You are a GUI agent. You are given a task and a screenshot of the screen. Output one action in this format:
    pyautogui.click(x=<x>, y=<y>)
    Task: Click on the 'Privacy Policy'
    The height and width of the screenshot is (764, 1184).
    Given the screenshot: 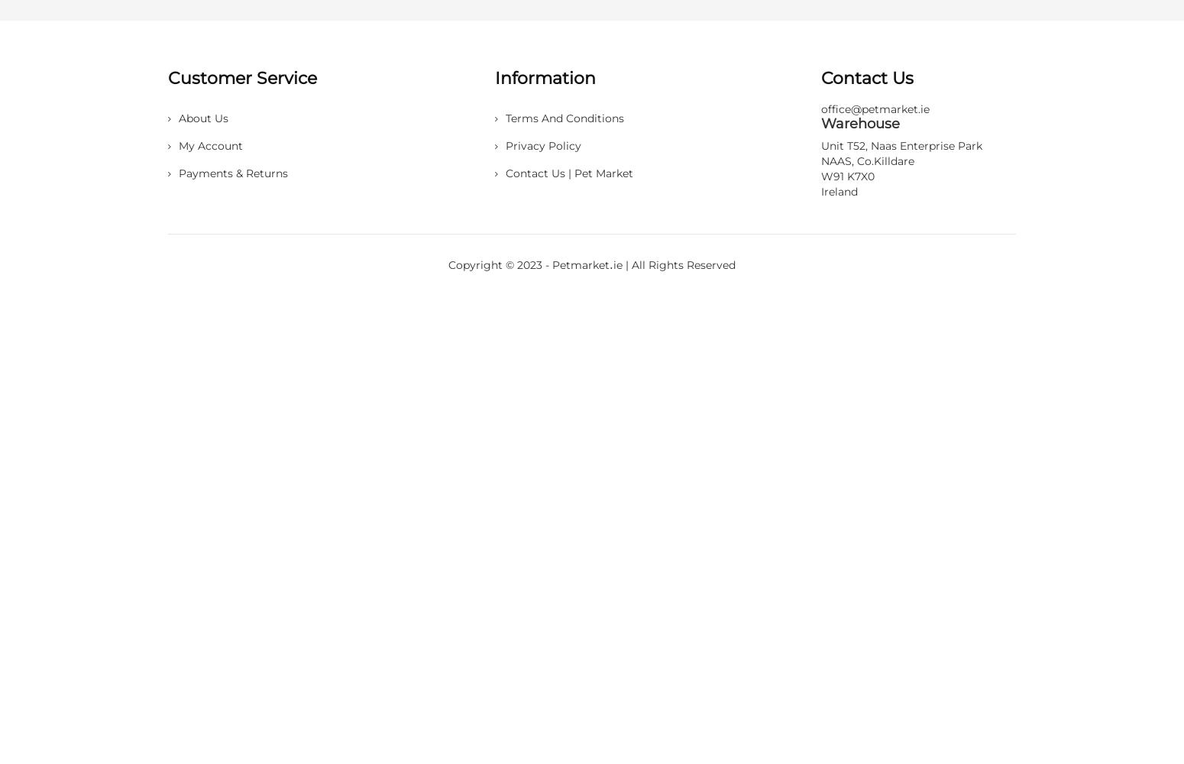 What is the action you would take?
    pyautogui.click(x=542, y=145)
    